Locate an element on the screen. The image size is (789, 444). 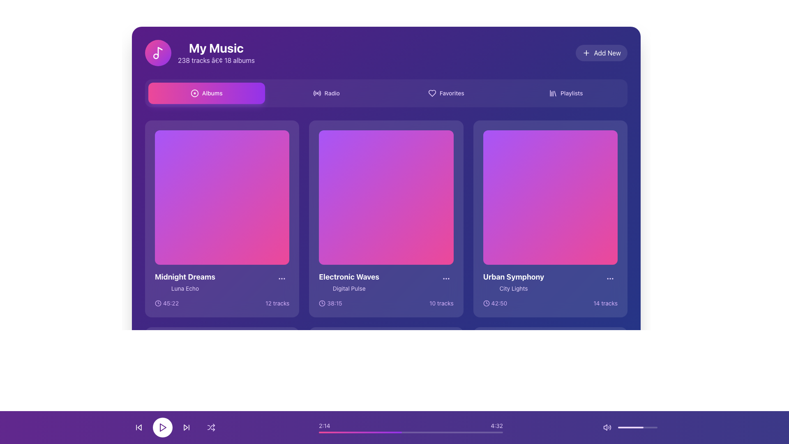
the volume is located at coordinates (635, 427).